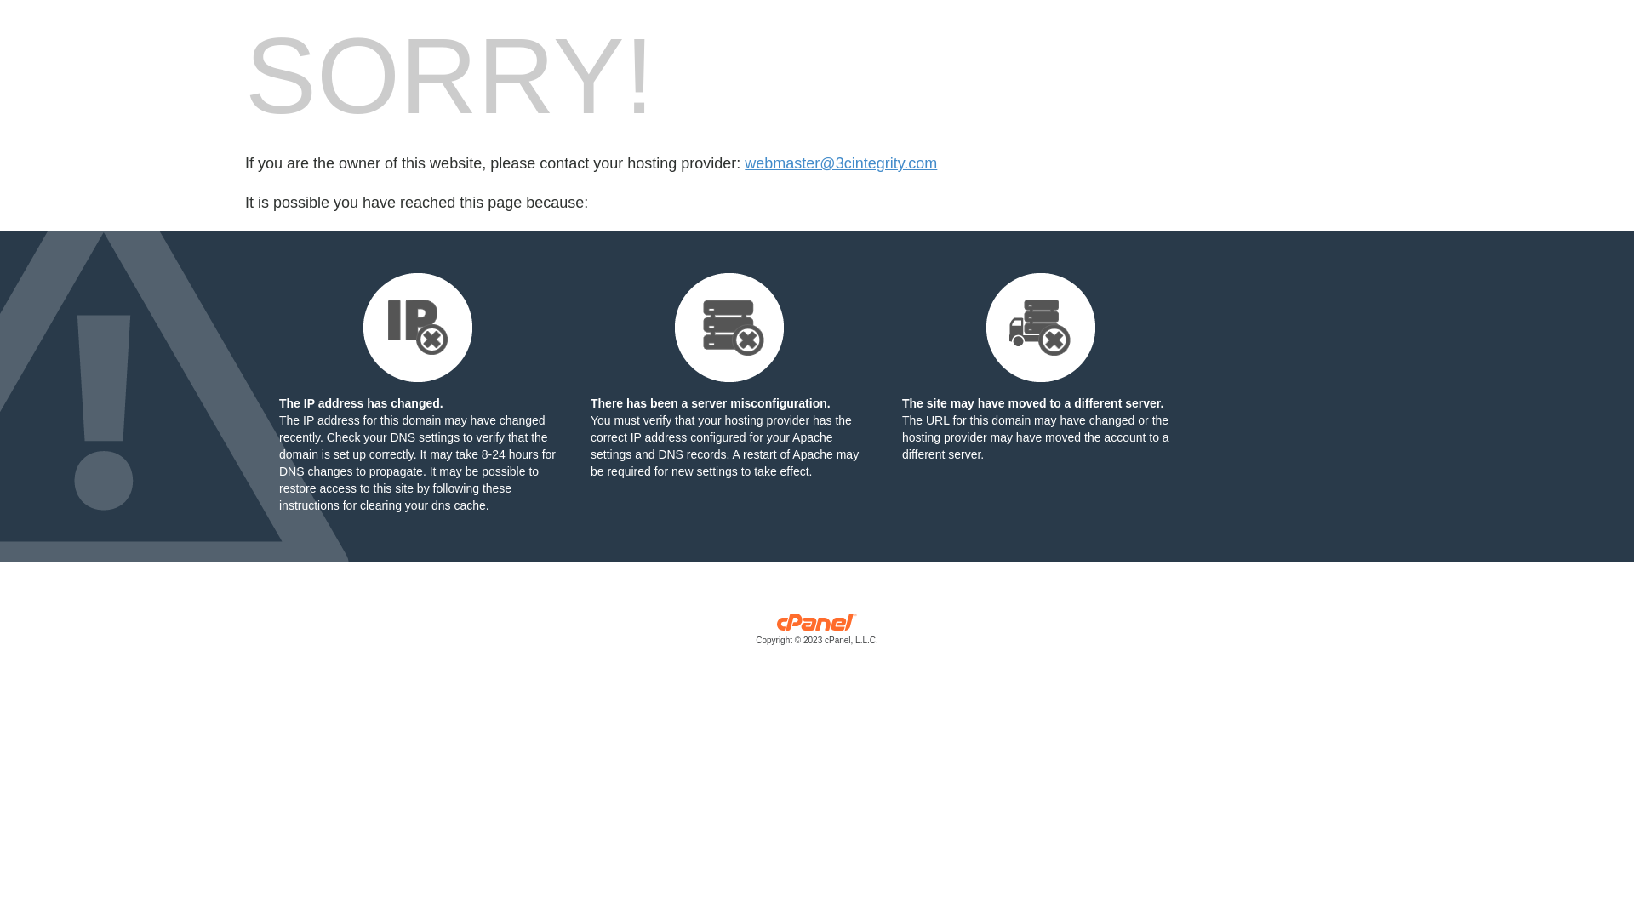 This screenshot has height=919, width=1634. I want to click on 'webmaster@3cintegrity.com', so click(841, 163).